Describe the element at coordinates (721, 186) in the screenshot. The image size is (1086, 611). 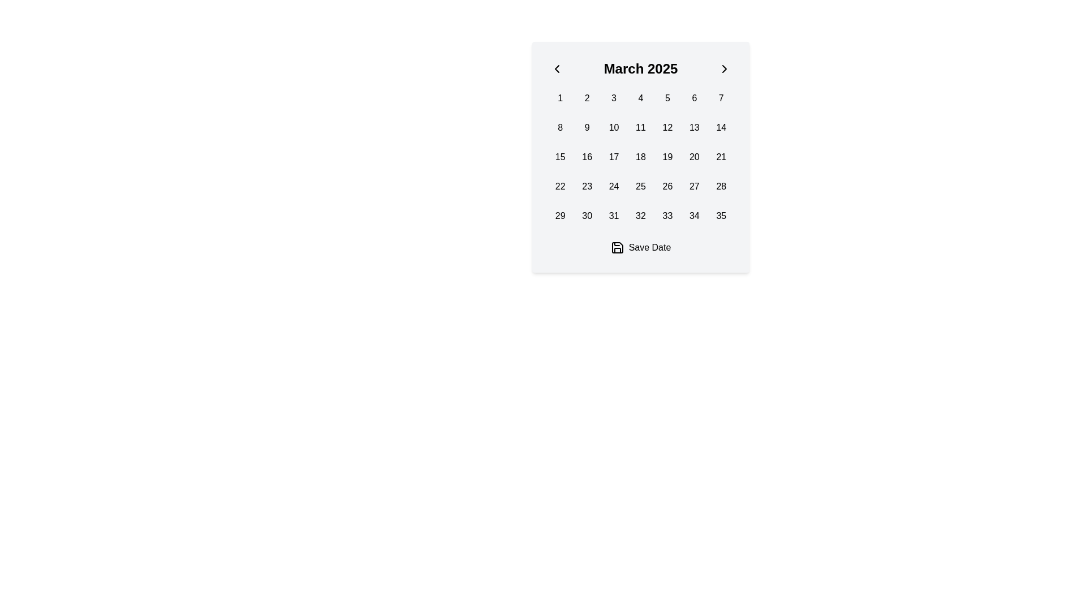
I see `the button representing the date '28' in the calendar grid` at that location.